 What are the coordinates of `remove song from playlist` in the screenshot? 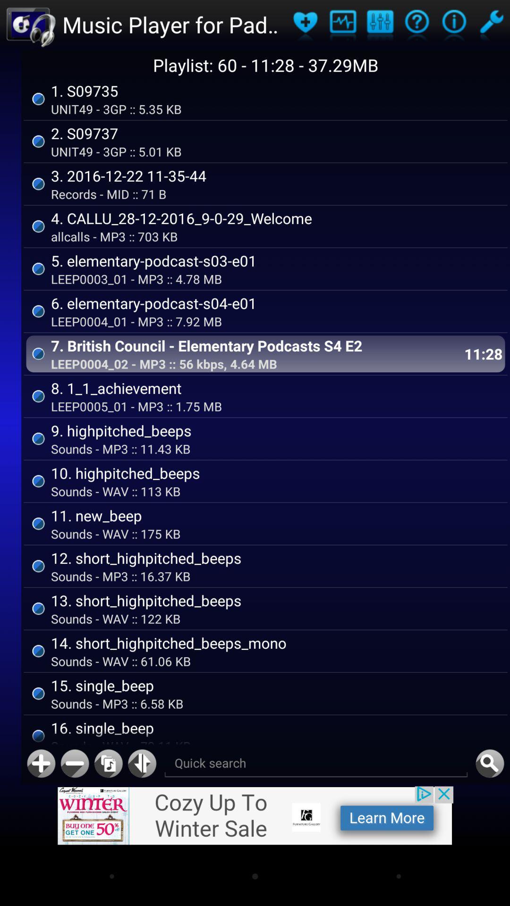 It's located at (74, 763).